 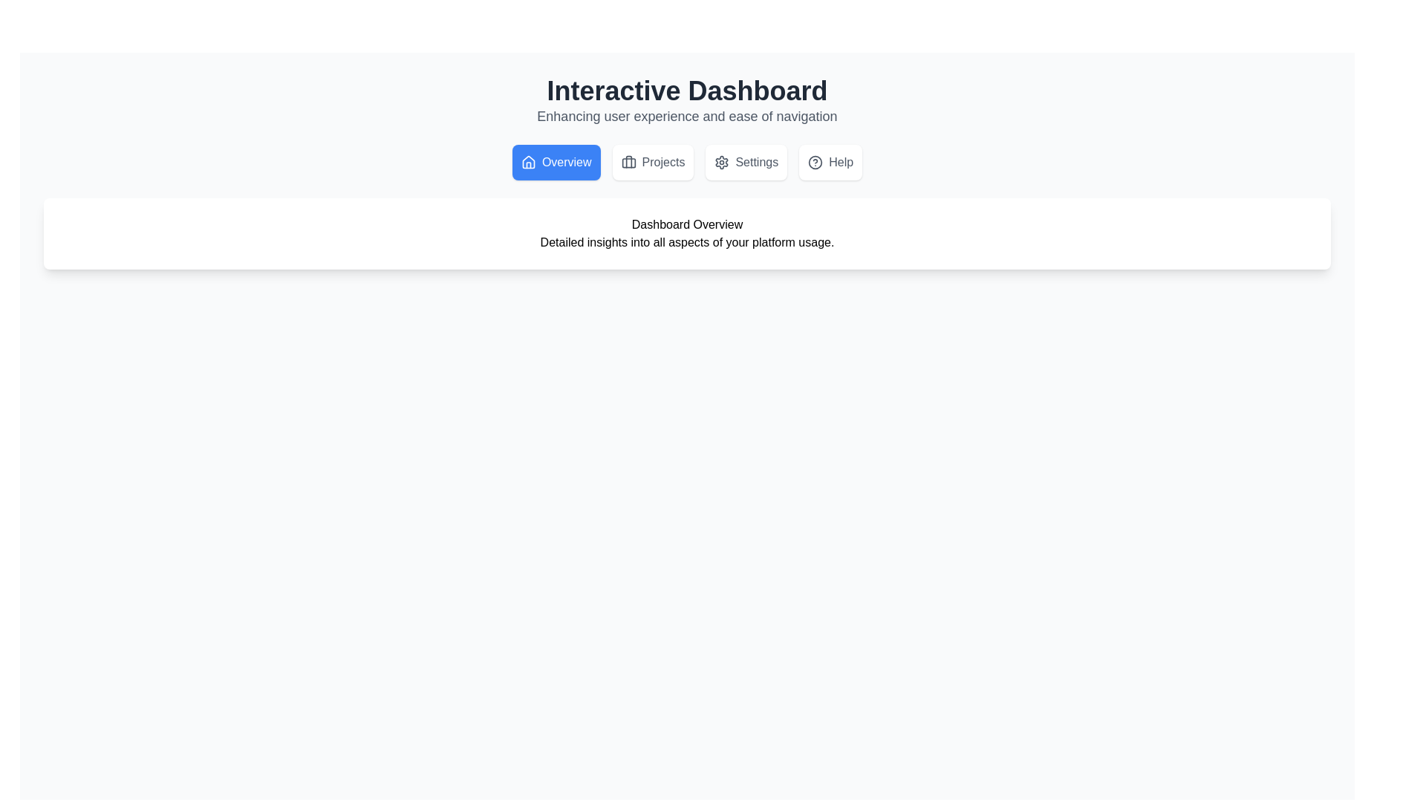 What do you see at coordinates (528, 162) in the screenshot?
I see `the house icon embedded within the blue 'Overview' button` at bounding box center [528, 162].